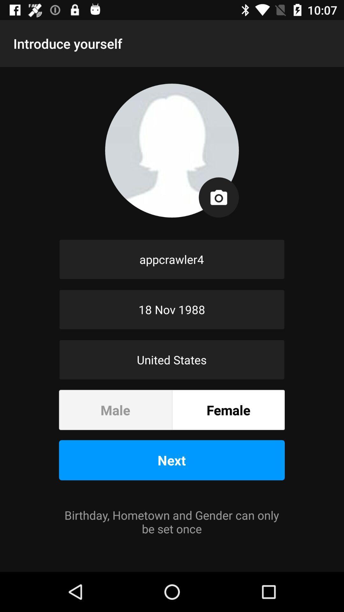 Image resolution: width=344 pixels, height=612 pixels. What do you see at coordinates (228, 410) in the screenshot?
I see `icon above next item` at bounding box center [228, 410].